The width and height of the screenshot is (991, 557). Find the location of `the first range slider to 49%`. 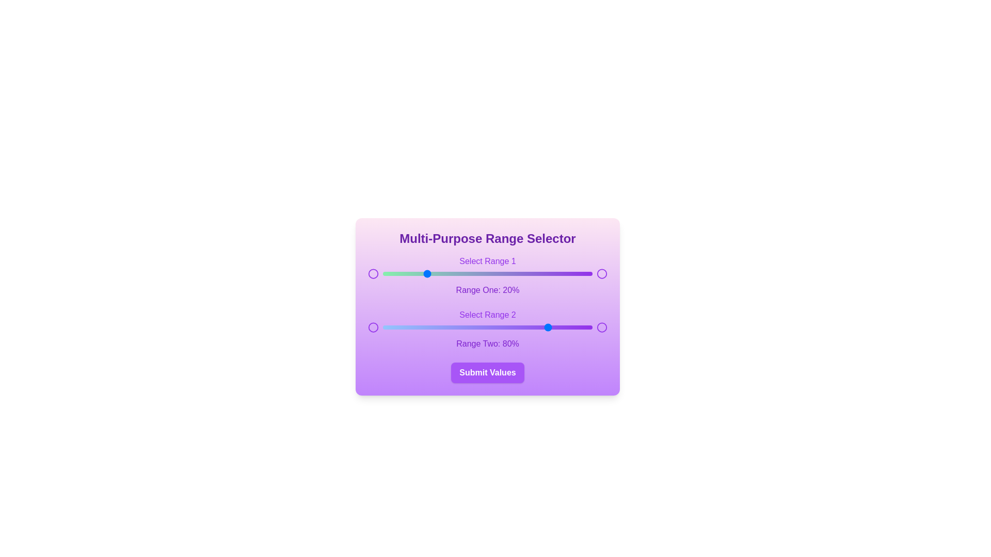

the first range slider to 49% is located at coordinates (485, 273).